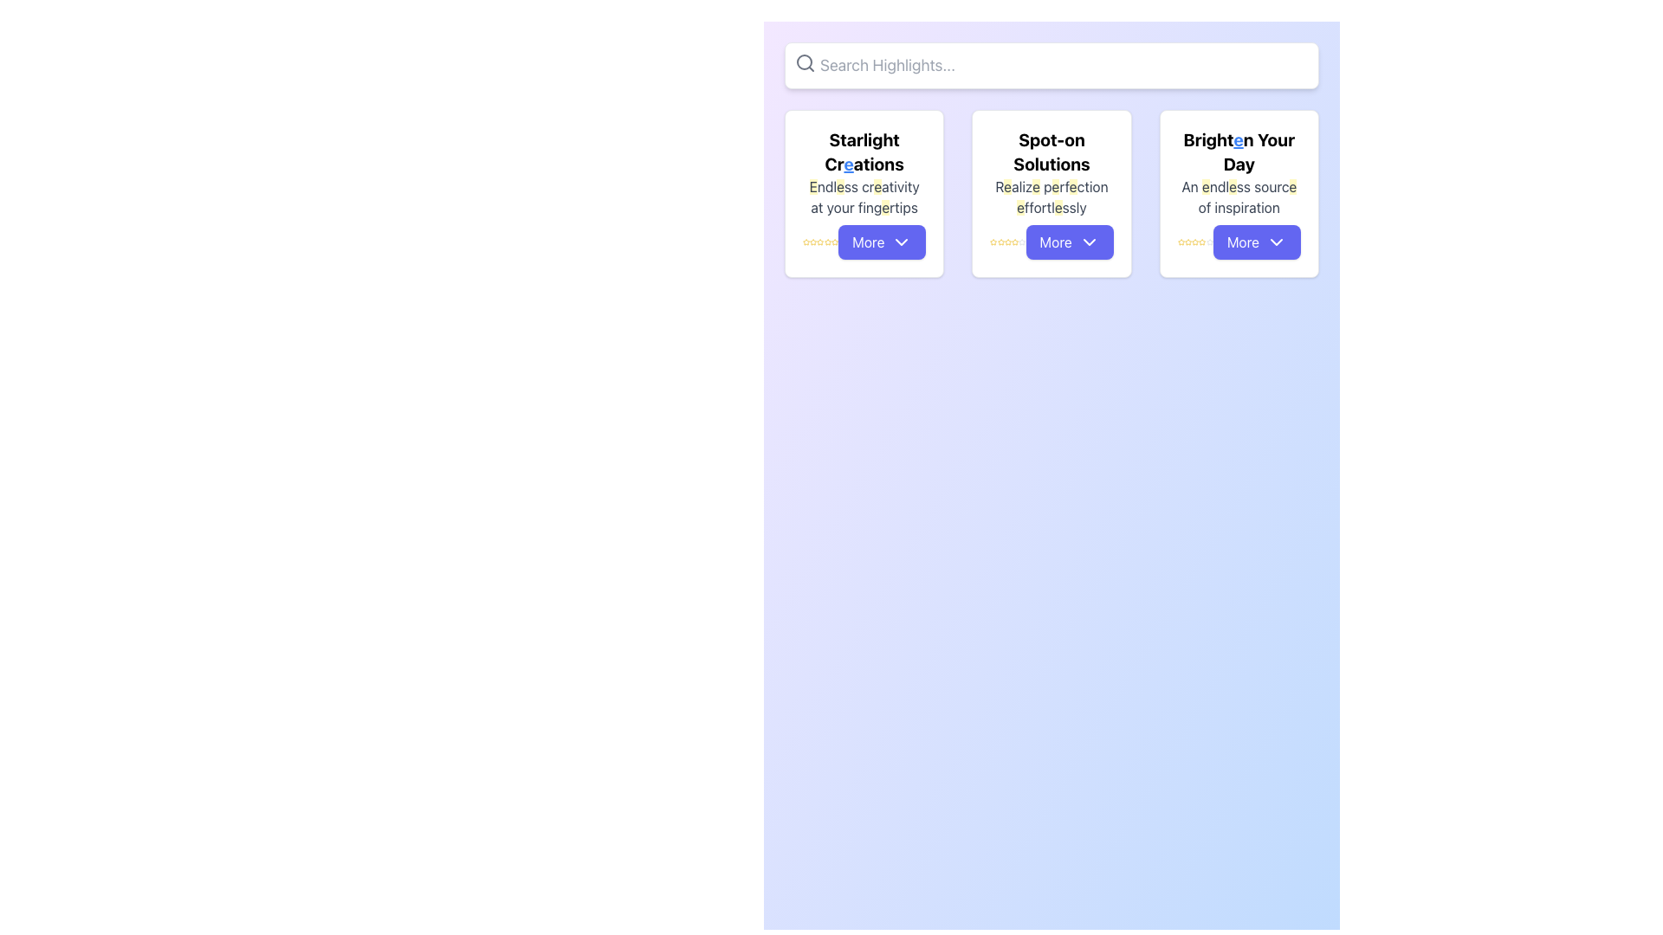 This screenshot has height=935, width=1663. I want to click on the text 'ations', which is styled in bold and part of the title 'Starlight Creations' located in the top left of the interface, so click(878, 164).